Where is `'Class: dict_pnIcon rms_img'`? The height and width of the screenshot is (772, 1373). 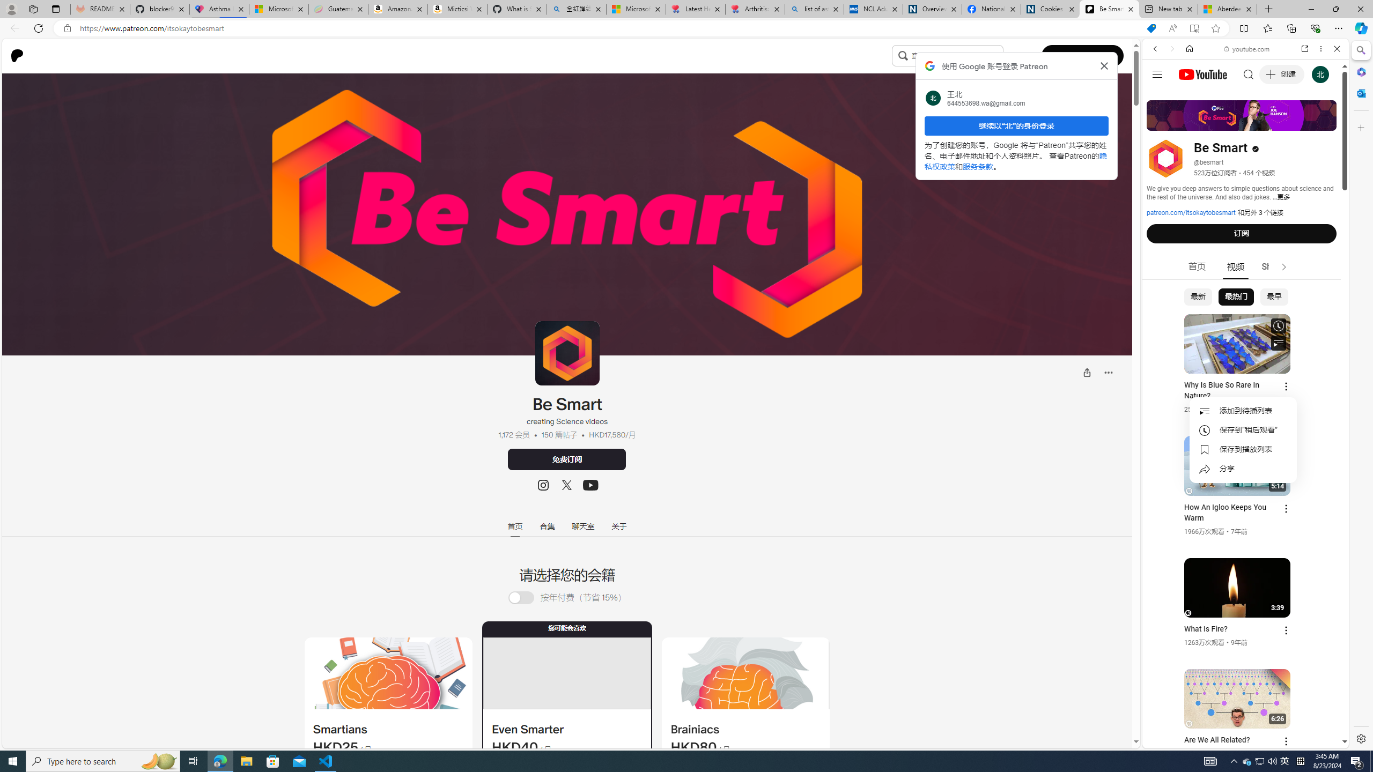
'Class: dict_pnIcon rms_img' is located at coordinates (1237, 739).